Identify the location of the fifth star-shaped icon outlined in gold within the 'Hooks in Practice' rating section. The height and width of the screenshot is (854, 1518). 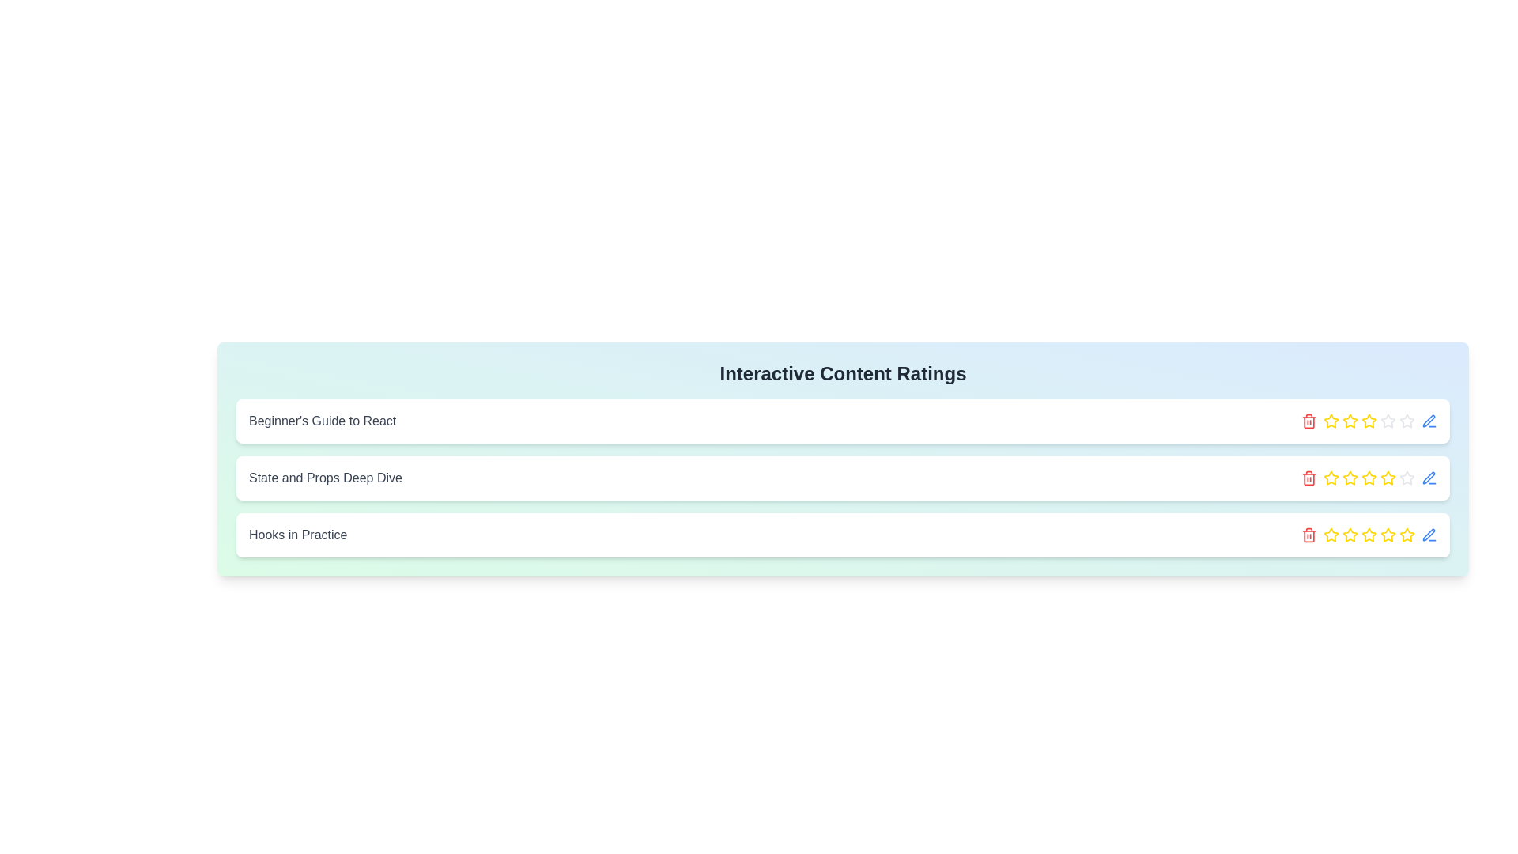
(1369, 535).